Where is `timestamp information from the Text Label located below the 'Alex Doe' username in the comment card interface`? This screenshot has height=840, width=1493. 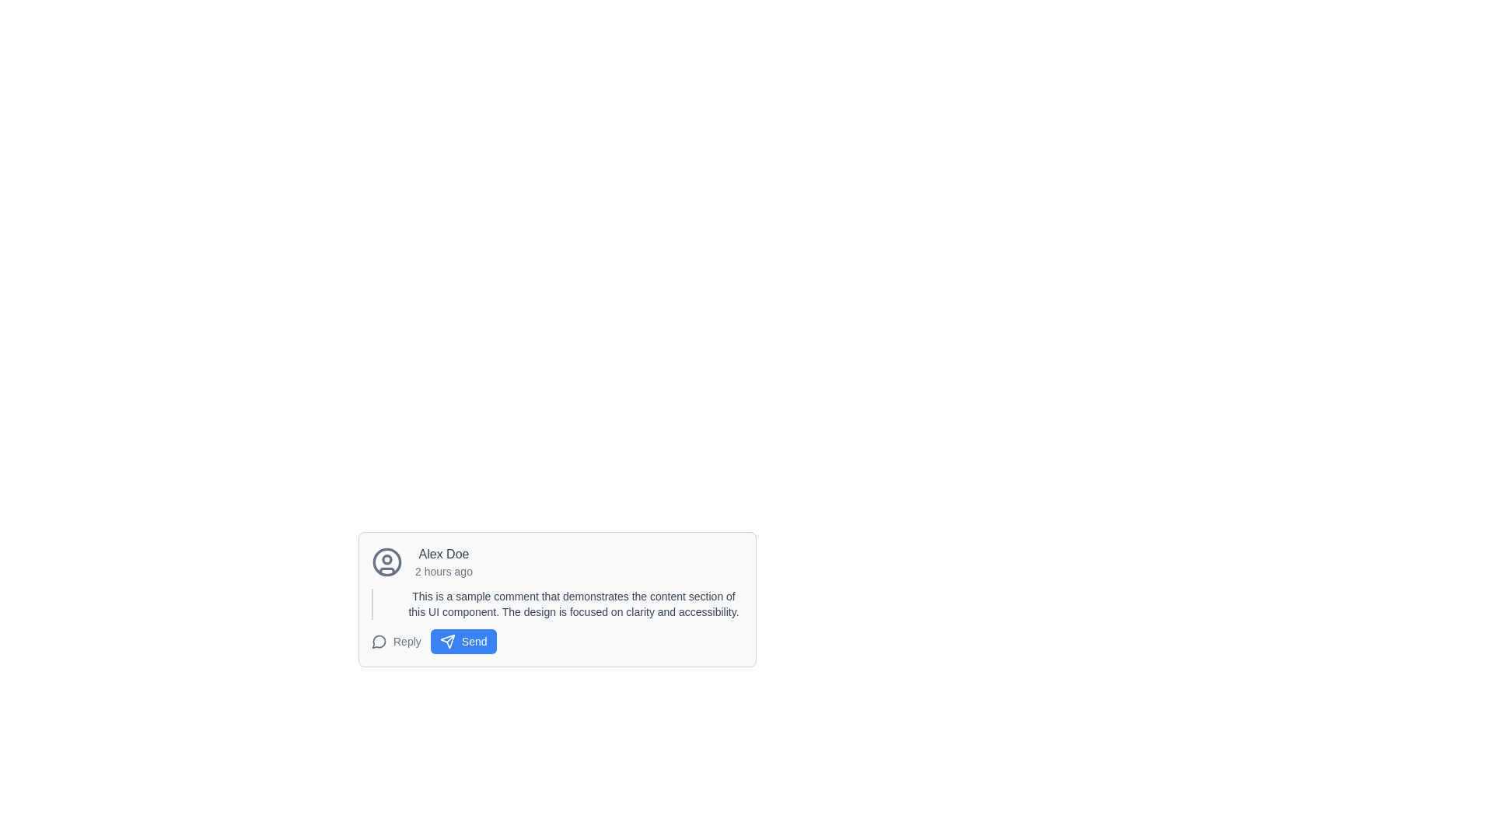 timestamp information from the Text Label located below the 'Alex Doe' username in the comment card interface is located at coordinates (443, 572).